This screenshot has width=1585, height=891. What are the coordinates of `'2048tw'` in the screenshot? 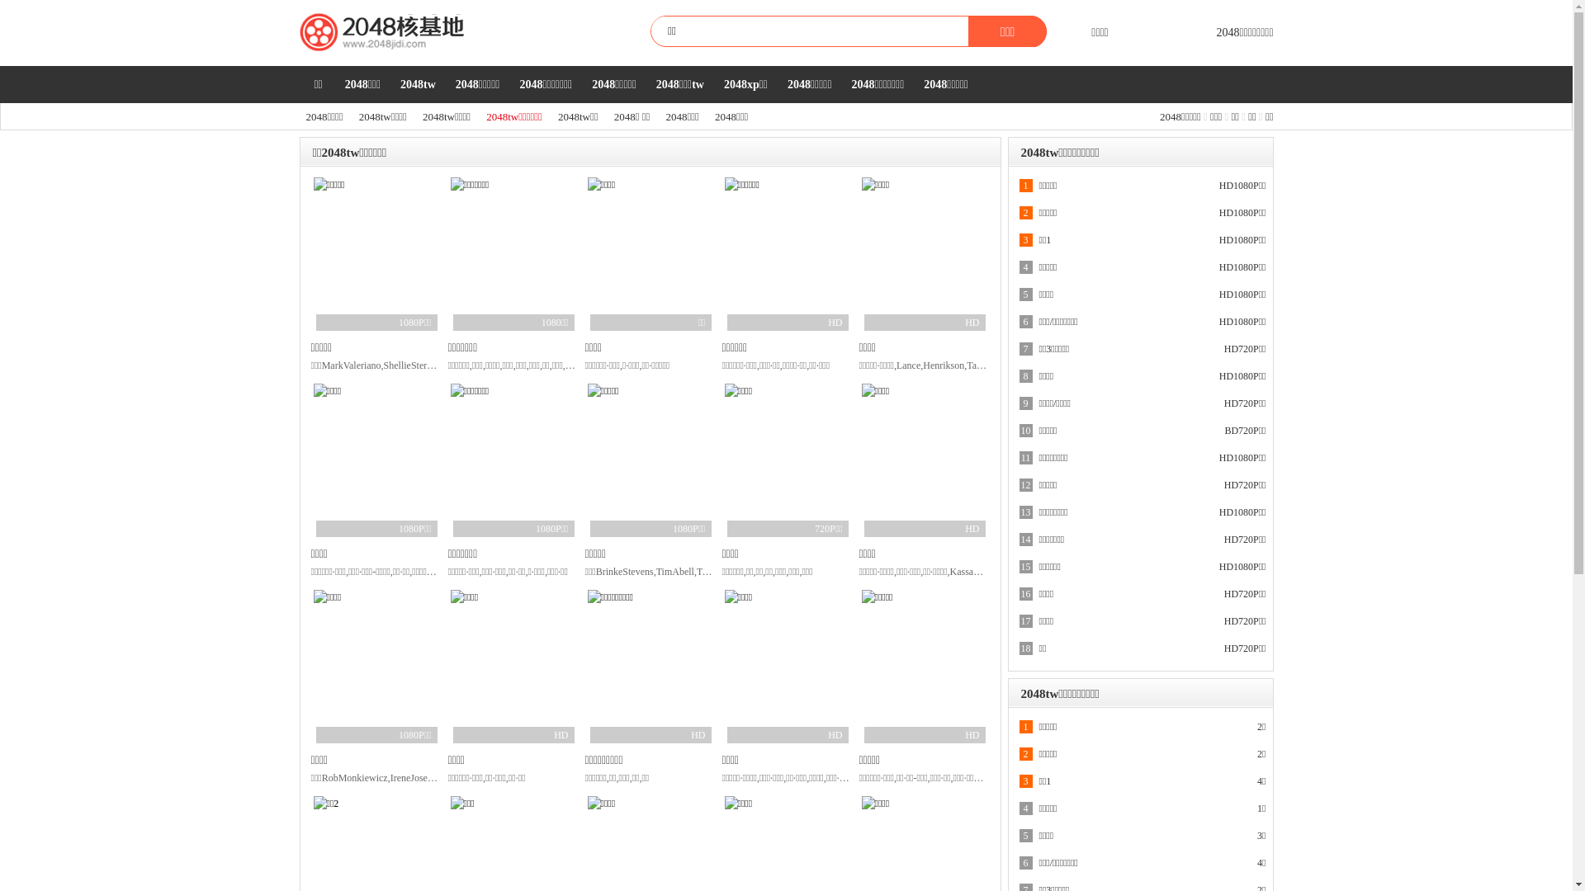 It's located at (418, 84).